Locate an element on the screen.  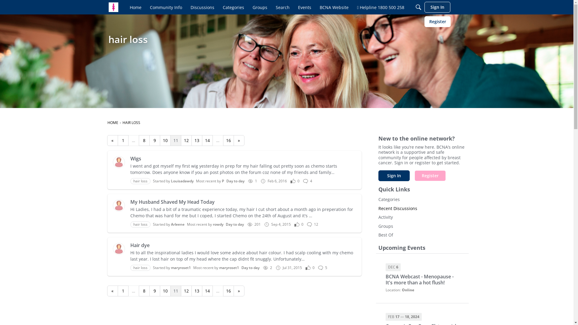
'Events' is located at coordinates (305, 7).